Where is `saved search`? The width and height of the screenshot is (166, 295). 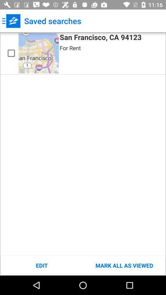 saved search is located at coordinates (11, 53).